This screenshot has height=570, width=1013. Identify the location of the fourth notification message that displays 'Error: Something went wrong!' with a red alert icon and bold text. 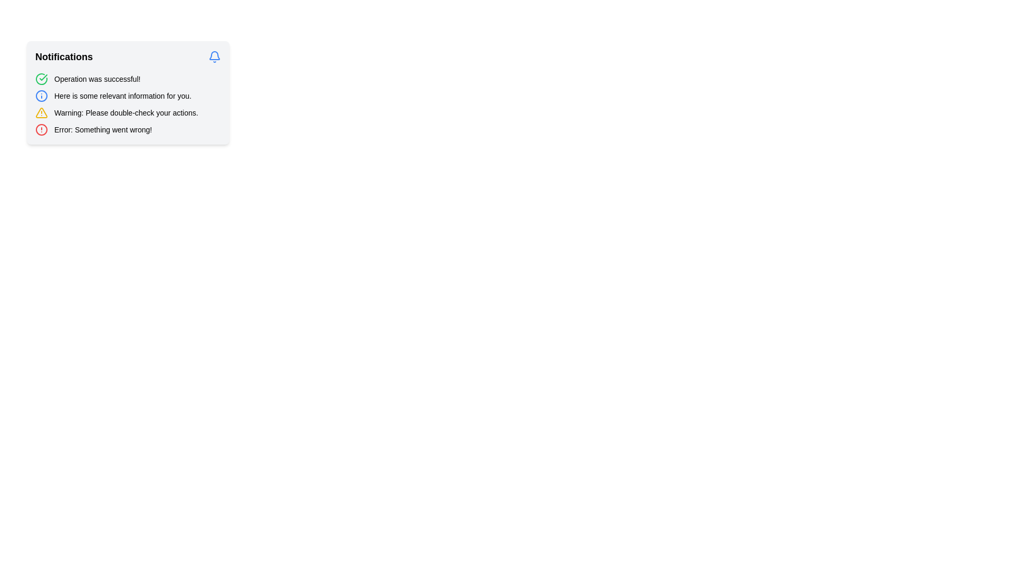
(128, 129).